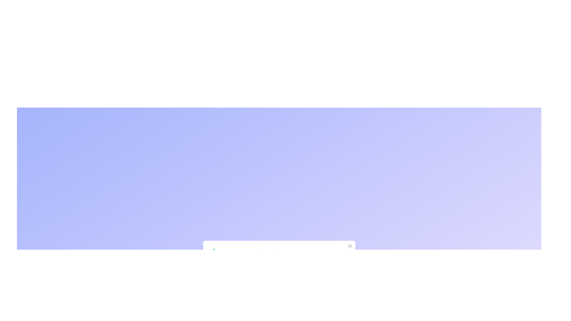 Image resolution: width=571 pixels, height=321 pixels. Describe the element at coordinates (214, 252) in the screenshot. I see `the positive feedback icon located in the upper-left corner of the feedback confirmation component, adjacent to the 'Feedback Confirmation' text` at that location.